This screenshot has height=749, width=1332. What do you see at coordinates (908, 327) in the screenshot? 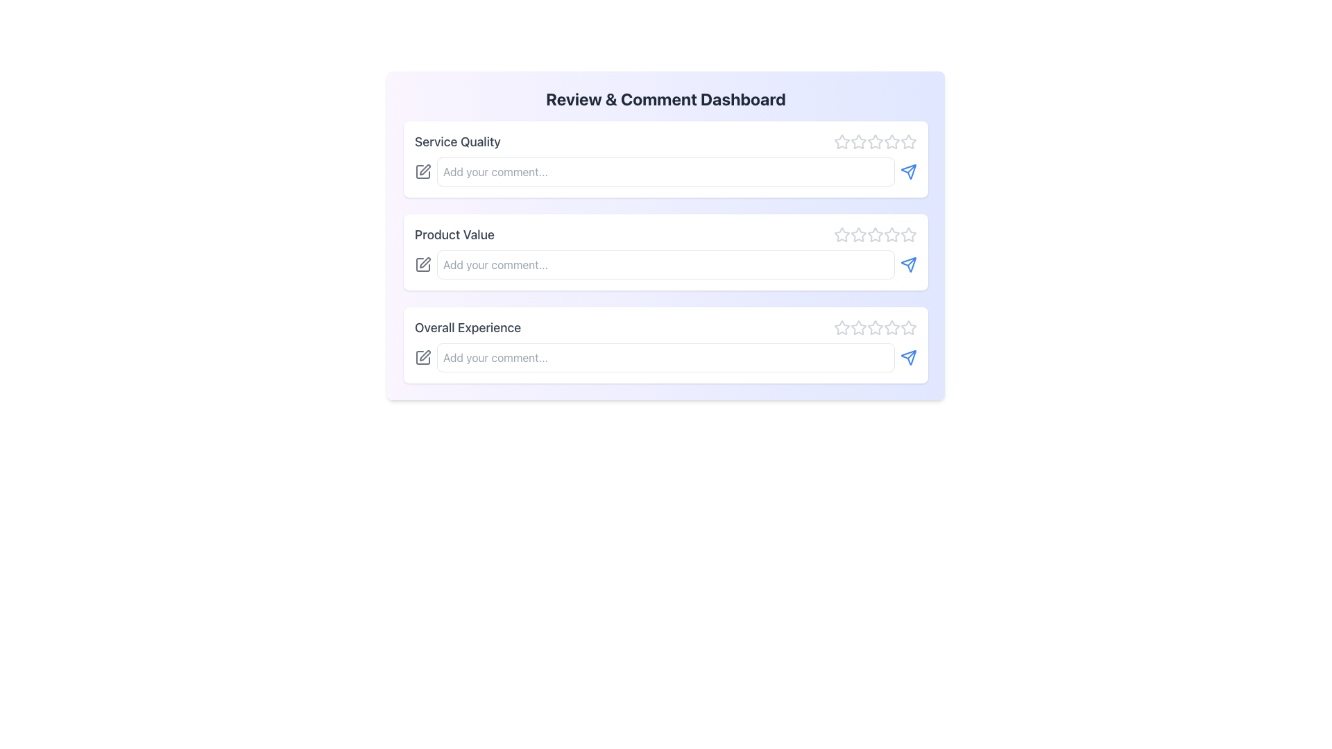
I see `the fourth rating star in the 'Overall Experience' section` at bounding box center [908, 327].